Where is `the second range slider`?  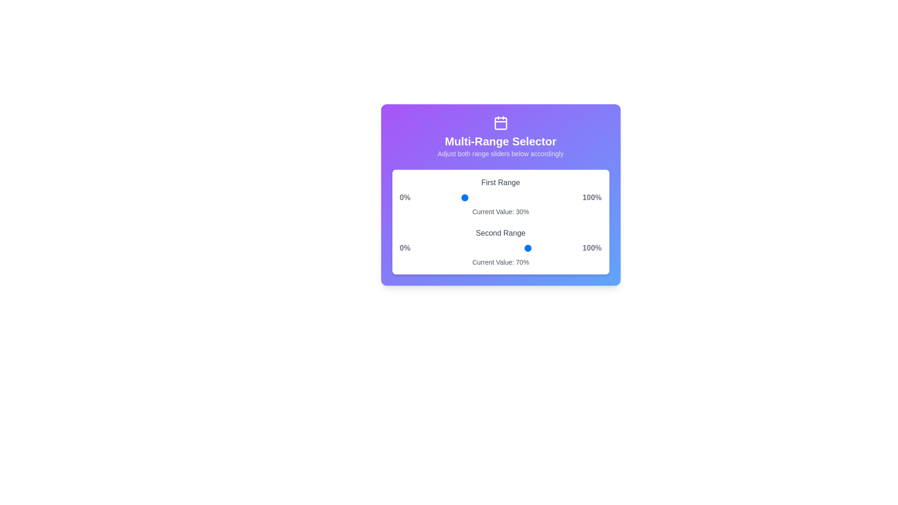
the second range slider is located at coordinates (436, 248).